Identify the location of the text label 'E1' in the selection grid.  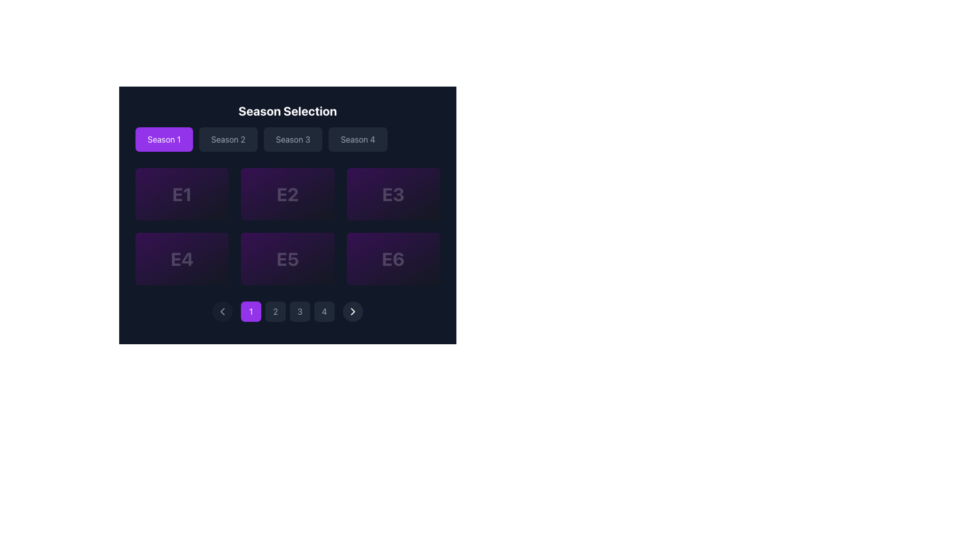
(182, 194).